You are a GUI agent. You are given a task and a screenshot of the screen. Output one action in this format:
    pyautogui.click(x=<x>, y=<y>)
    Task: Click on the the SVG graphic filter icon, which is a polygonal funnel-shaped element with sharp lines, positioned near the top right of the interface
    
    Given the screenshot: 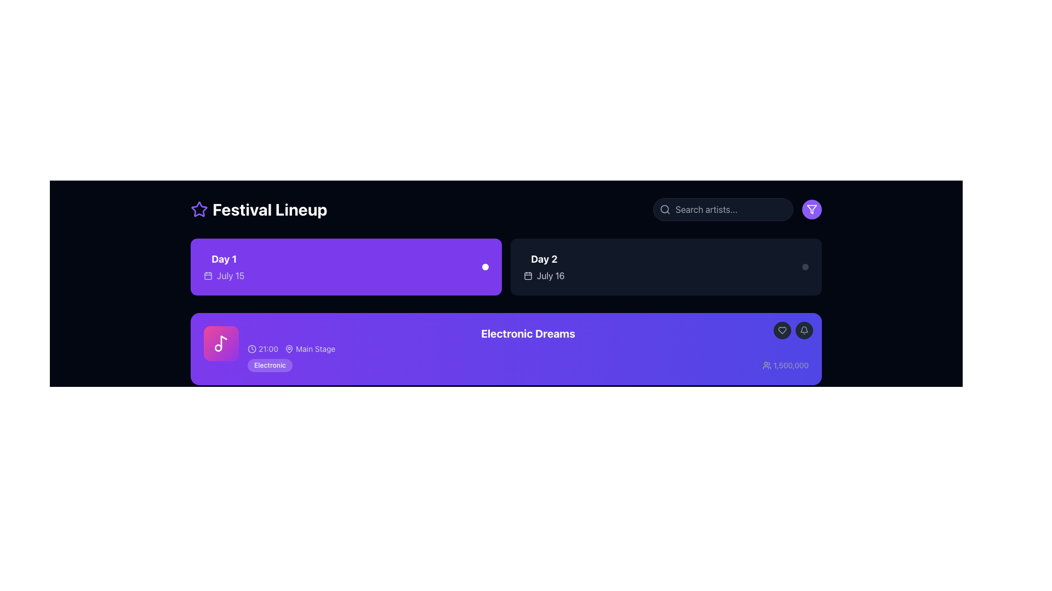 What is the action you would take?
    pyautogui.click(x=812, y=209)
    